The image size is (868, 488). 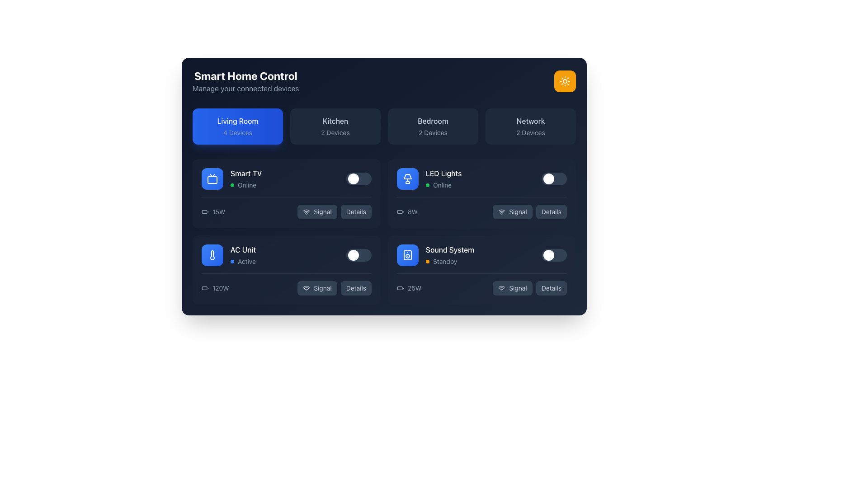 I want to click on text label displaying '25W' that indicates the power consumption level for the Sound System module, which is positioned as the rightmost element in its horizontal group, so click(x=414, y=288).